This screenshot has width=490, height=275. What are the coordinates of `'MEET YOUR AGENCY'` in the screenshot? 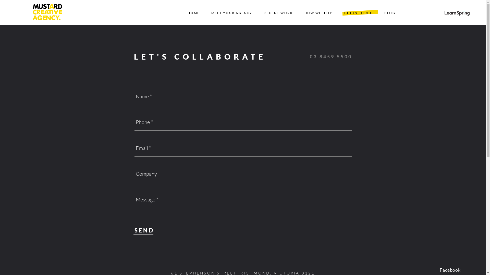 It's located at (231, 12).